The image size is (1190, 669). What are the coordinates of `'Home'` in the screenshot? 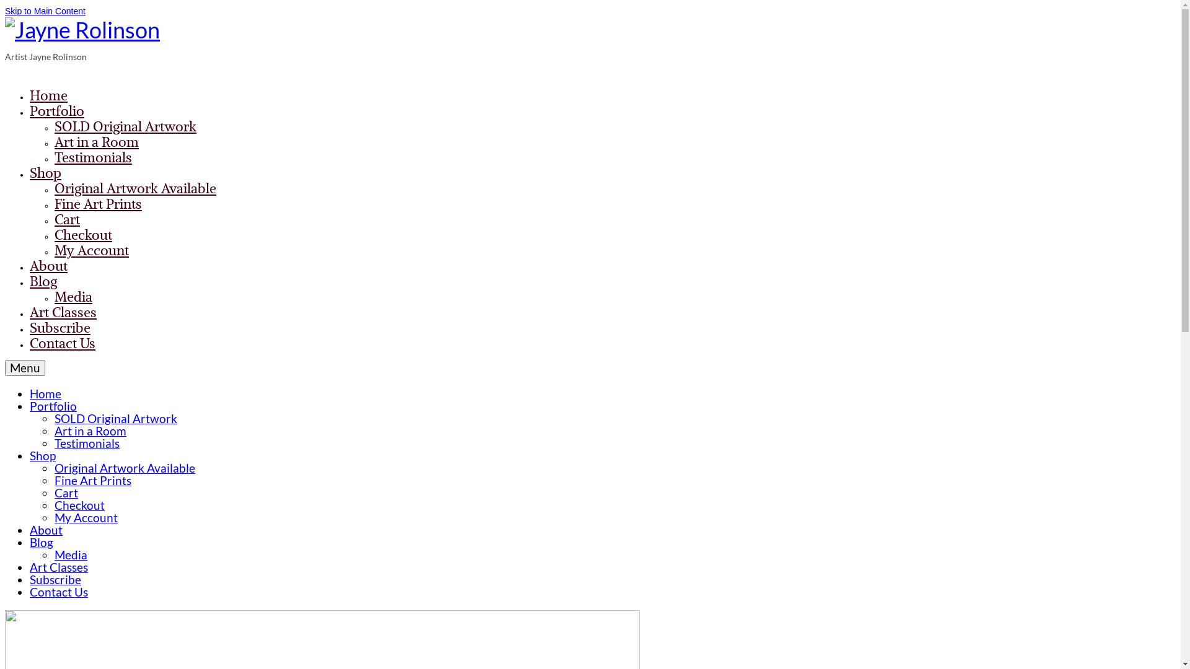 It's located at (48, 95).